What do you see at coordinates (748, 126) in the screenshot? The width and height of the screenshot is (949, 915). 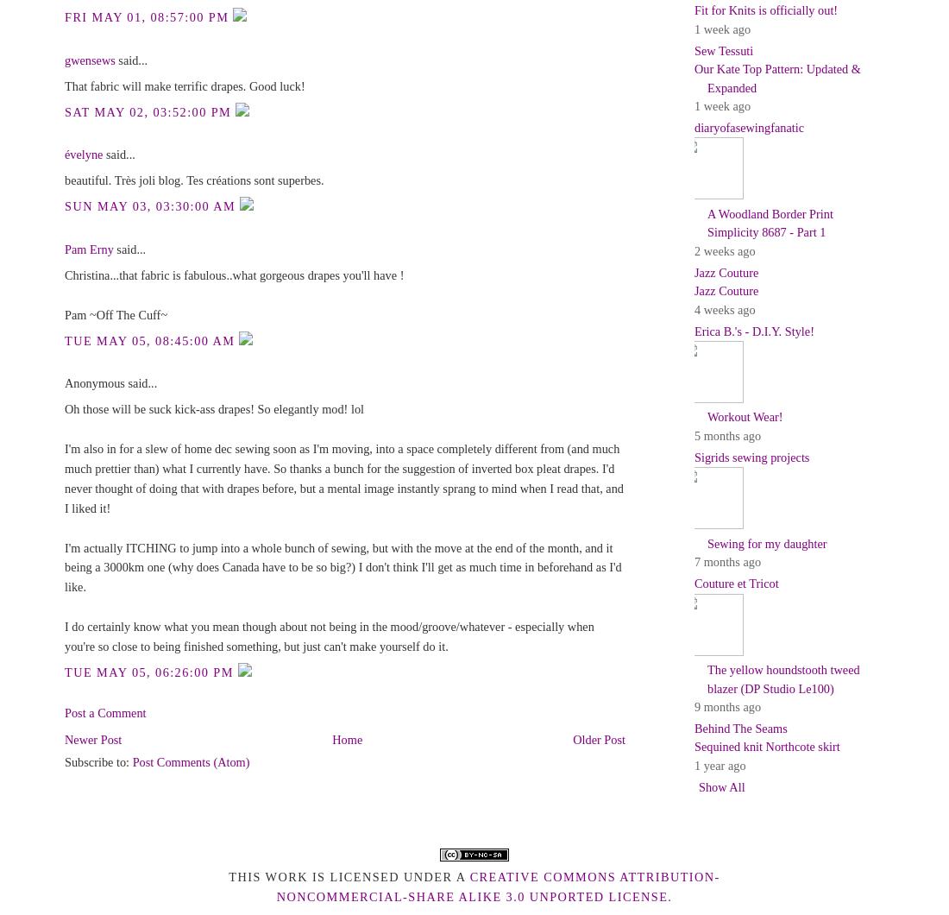 I see `'diaryofasewingfanatic'` at bounding box center [748, 126].